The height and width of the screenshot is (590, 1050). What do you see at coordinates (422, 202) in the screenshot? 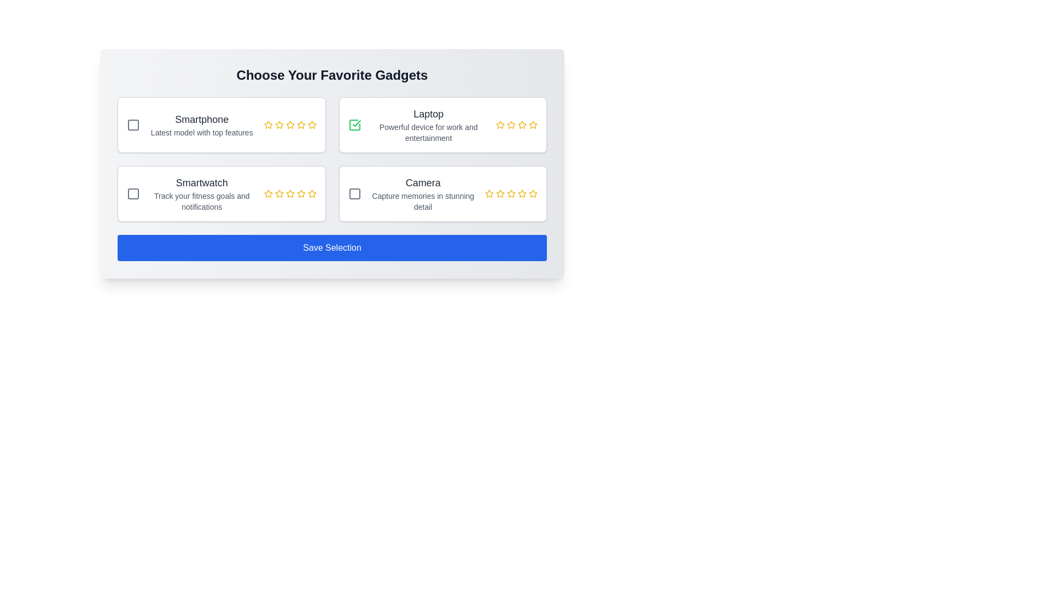
I see `the descriptive text about the 'Camera' option, which is located below the title 'Camera' in the third card of the second row in a grid of selectable options` at bounding box center [422, 202].